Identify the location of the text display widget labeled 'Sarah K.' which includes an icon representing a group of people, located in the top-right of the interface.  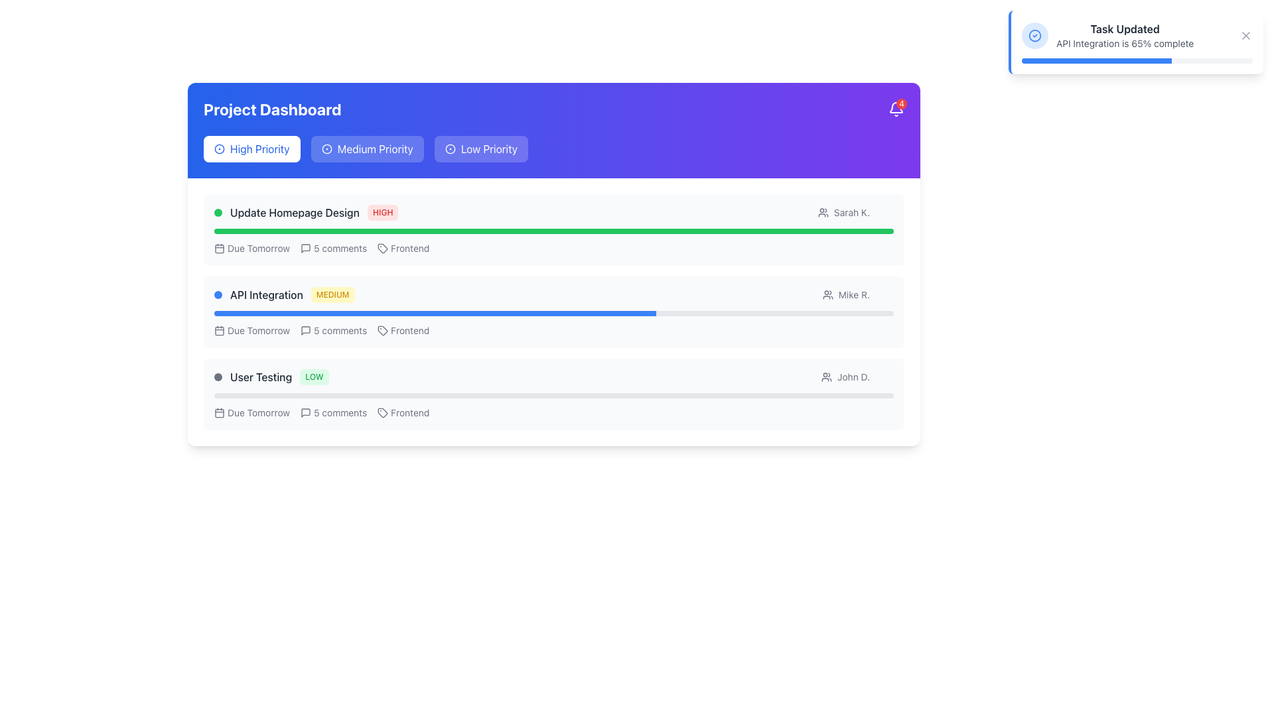
(843, 211).